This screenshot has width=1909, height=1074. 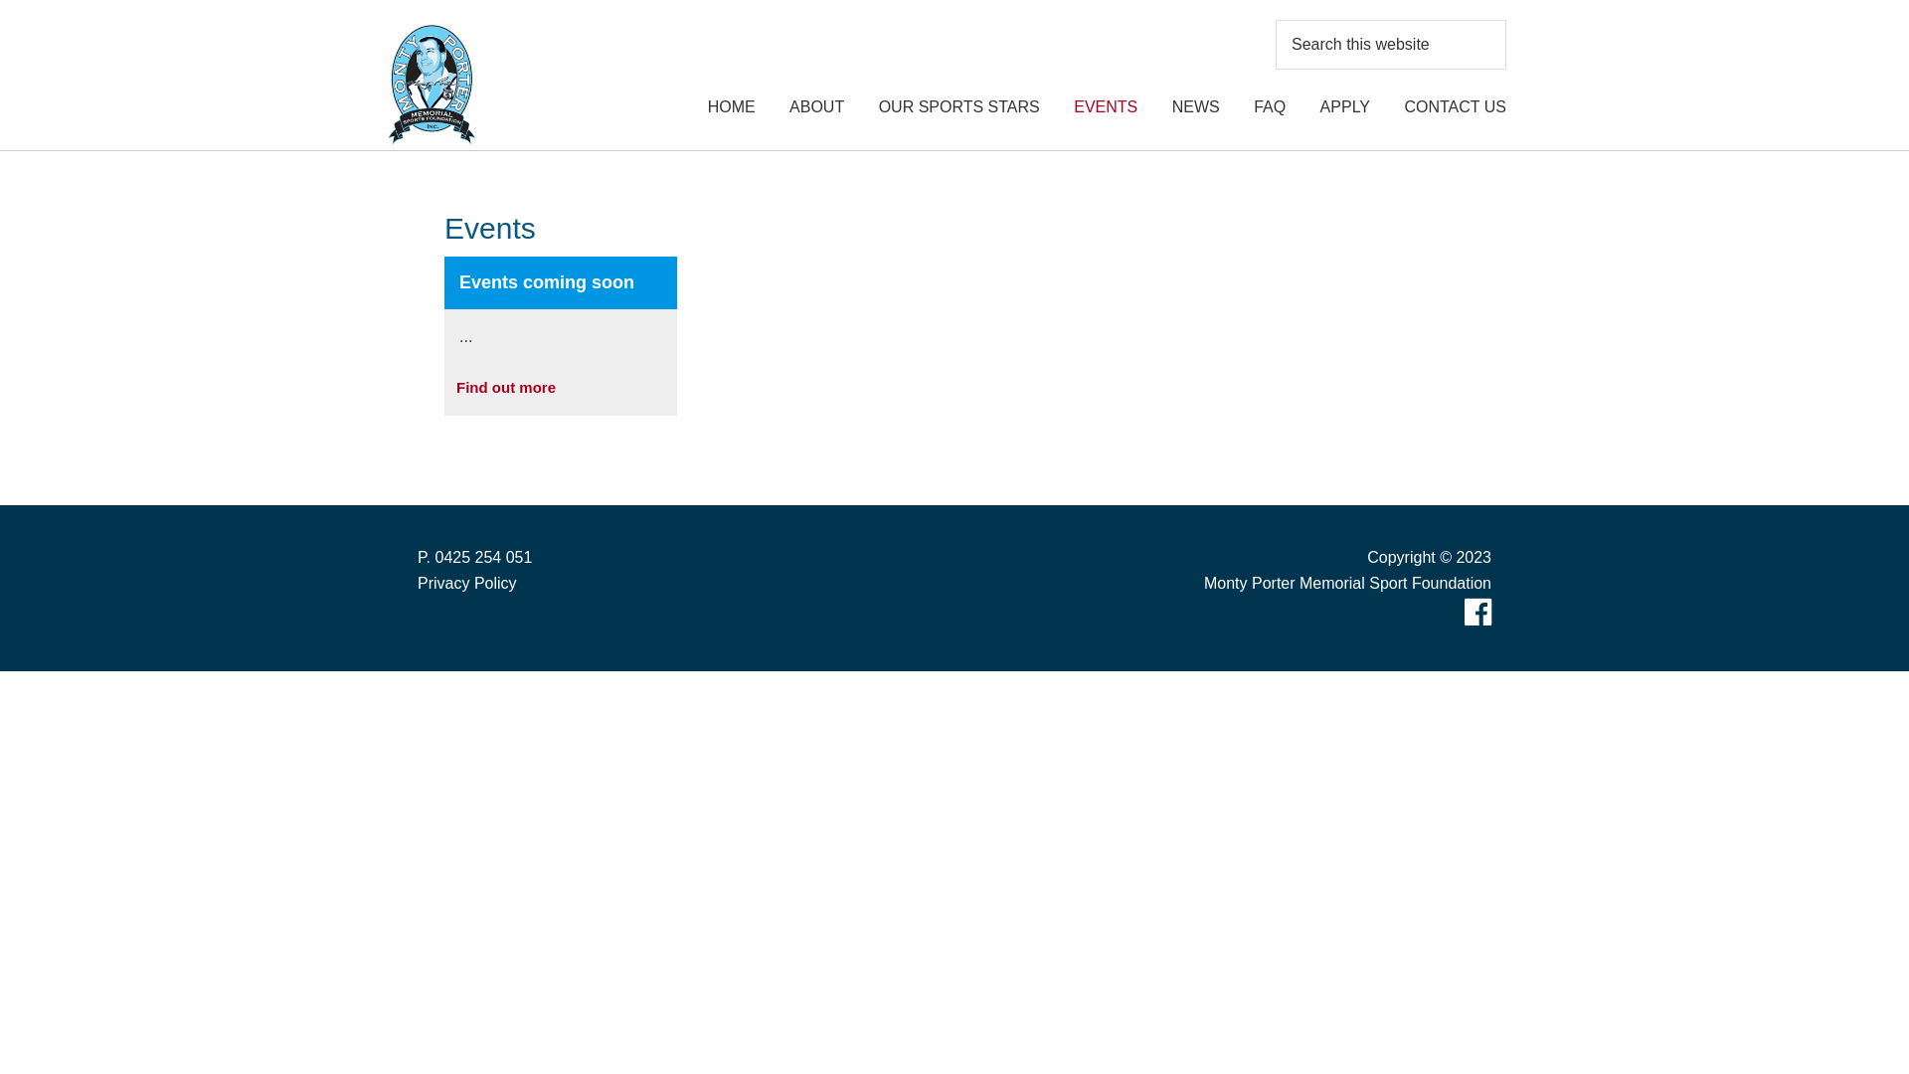 What do you see at coordinates (505, 387) in the screenshot?
I see `'Find out more'` at bounding box center [505, 387].